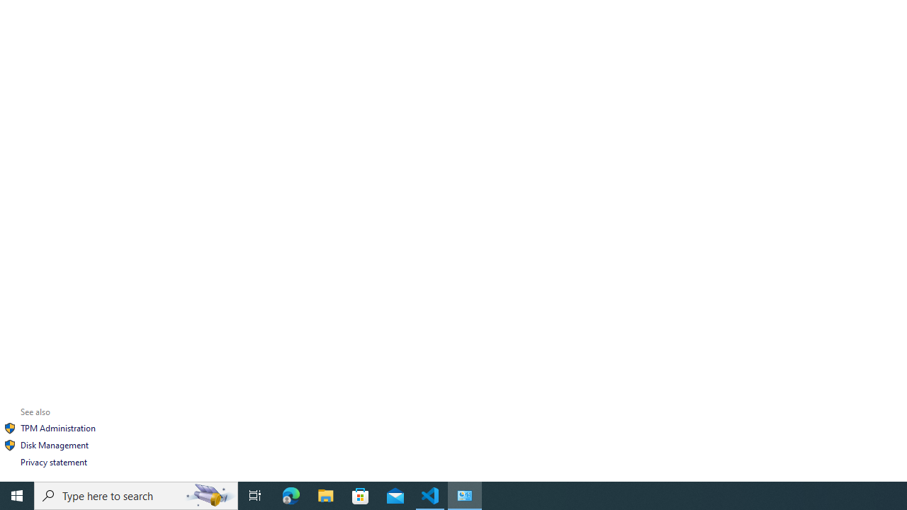  Describe the element at coordinates (57, 427) in the screenshot. I see `'TPM Administration'` at that location.